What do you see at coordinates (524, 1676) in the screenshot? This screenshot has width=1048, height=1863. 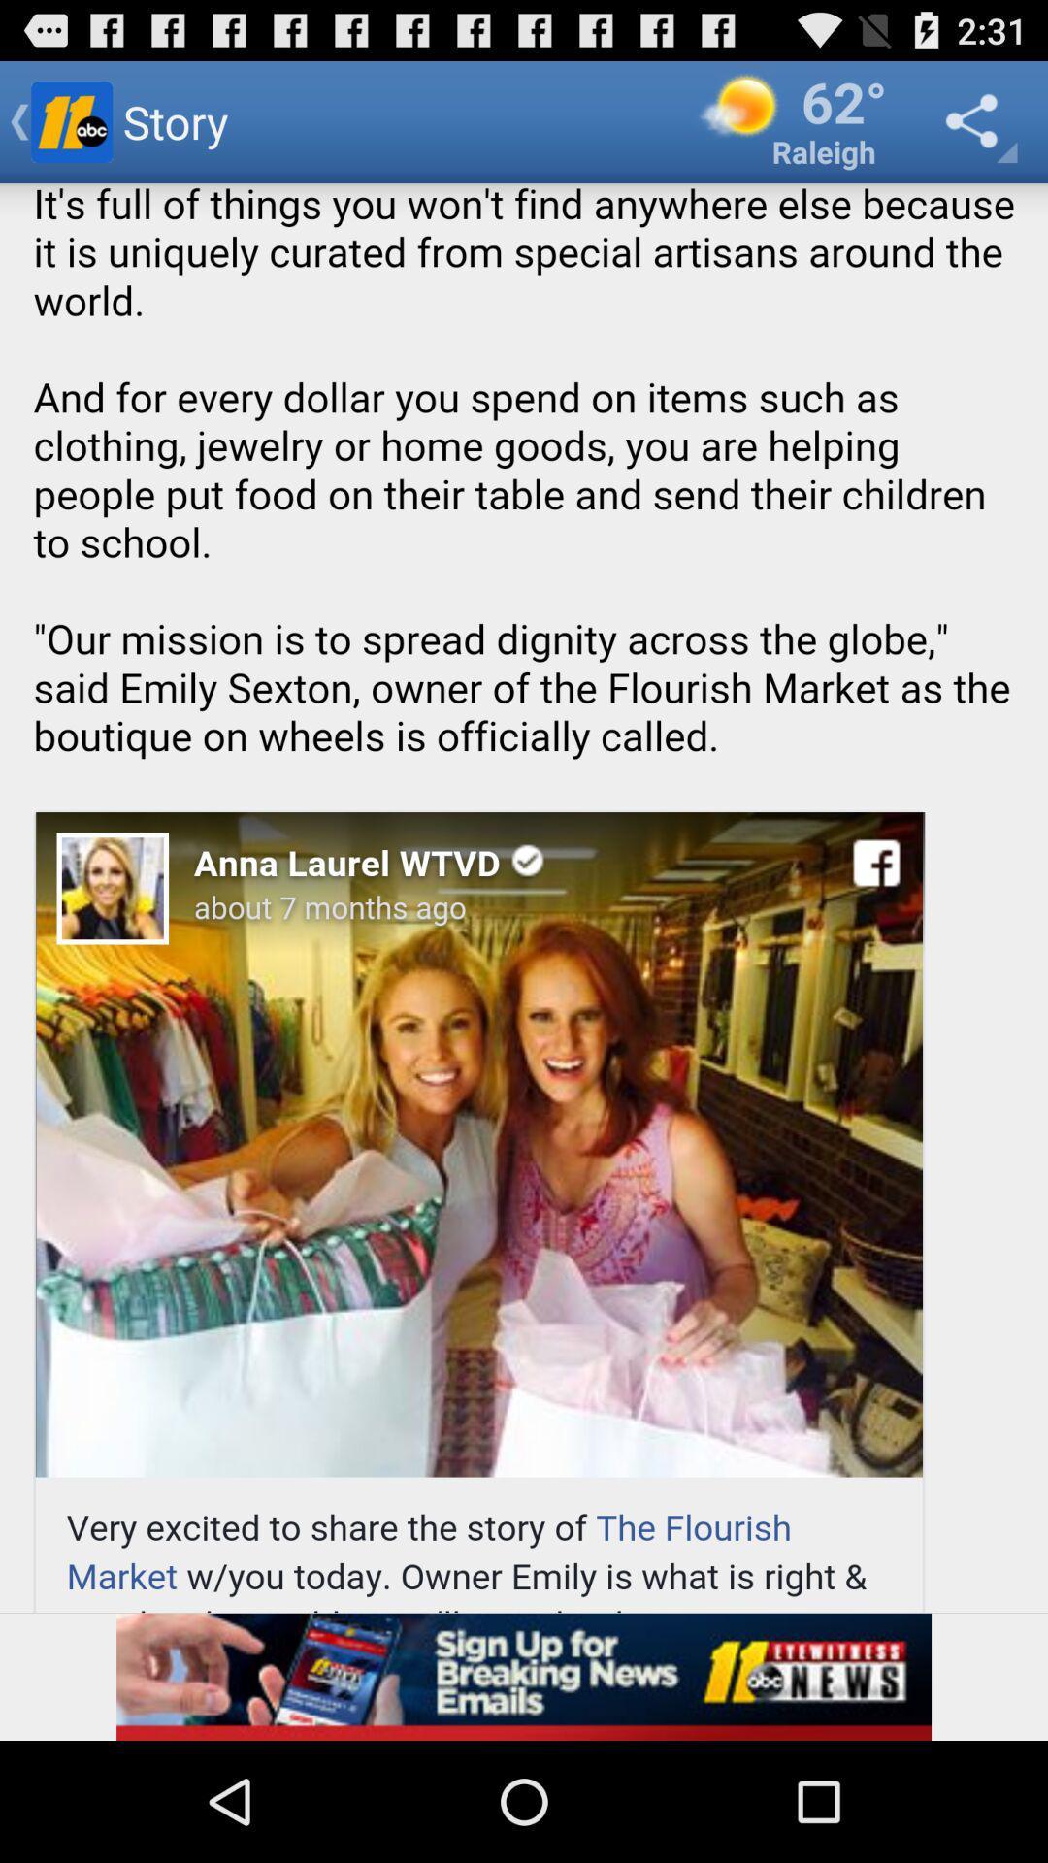 I see `open advertisement` at bounding box center [524, 1676].